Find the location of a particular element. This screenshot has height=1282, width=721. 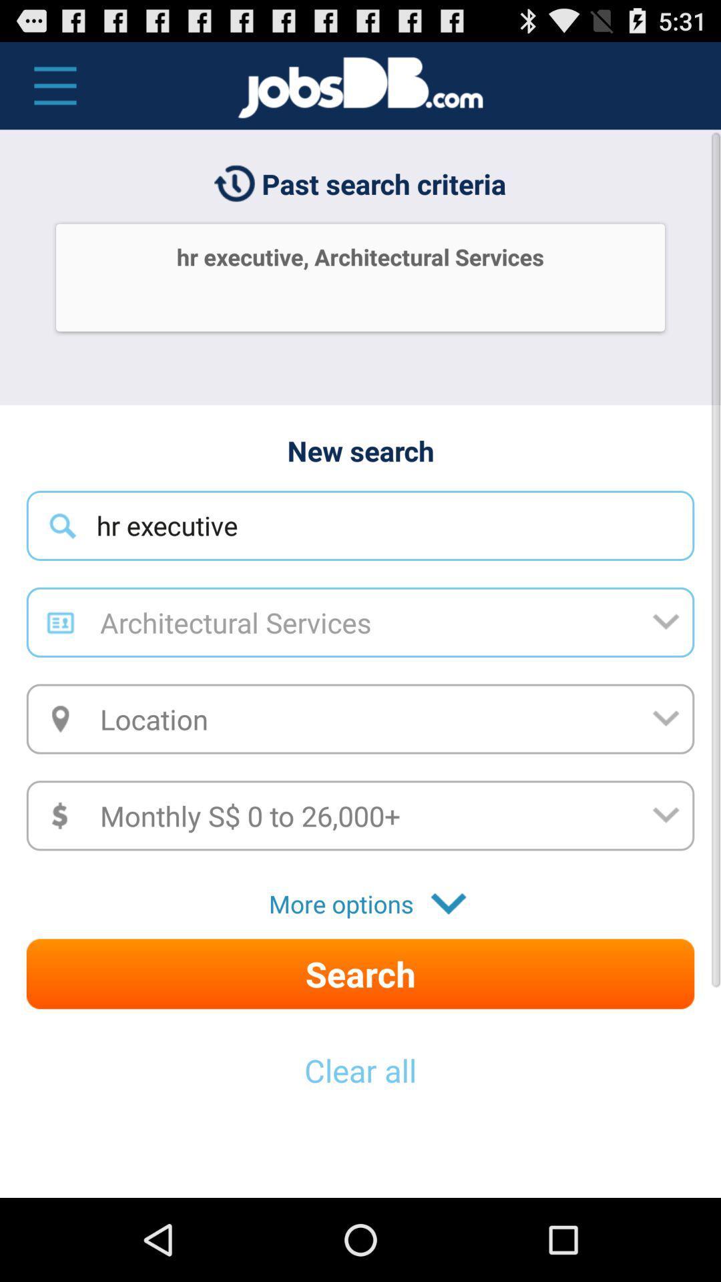

the menu icon is located at coordinates (47, 91).